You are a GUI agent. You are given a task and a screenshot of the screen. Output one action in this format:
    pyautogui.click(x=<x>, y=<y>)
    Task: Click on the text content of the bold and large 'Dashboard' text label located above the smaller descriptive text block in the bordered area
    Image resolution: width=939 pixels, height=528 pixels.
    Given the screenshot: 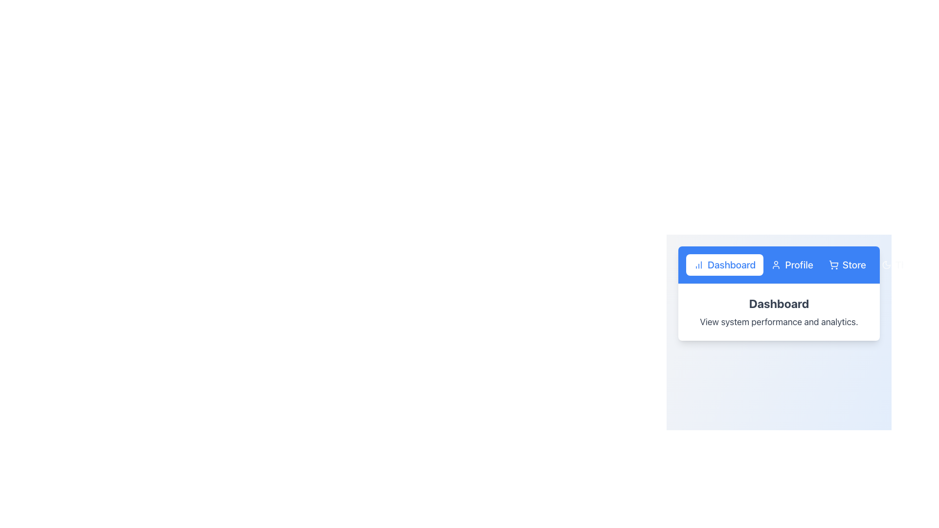 What is the action you would take?
    pyautogui.click(x=779, y=303)
    